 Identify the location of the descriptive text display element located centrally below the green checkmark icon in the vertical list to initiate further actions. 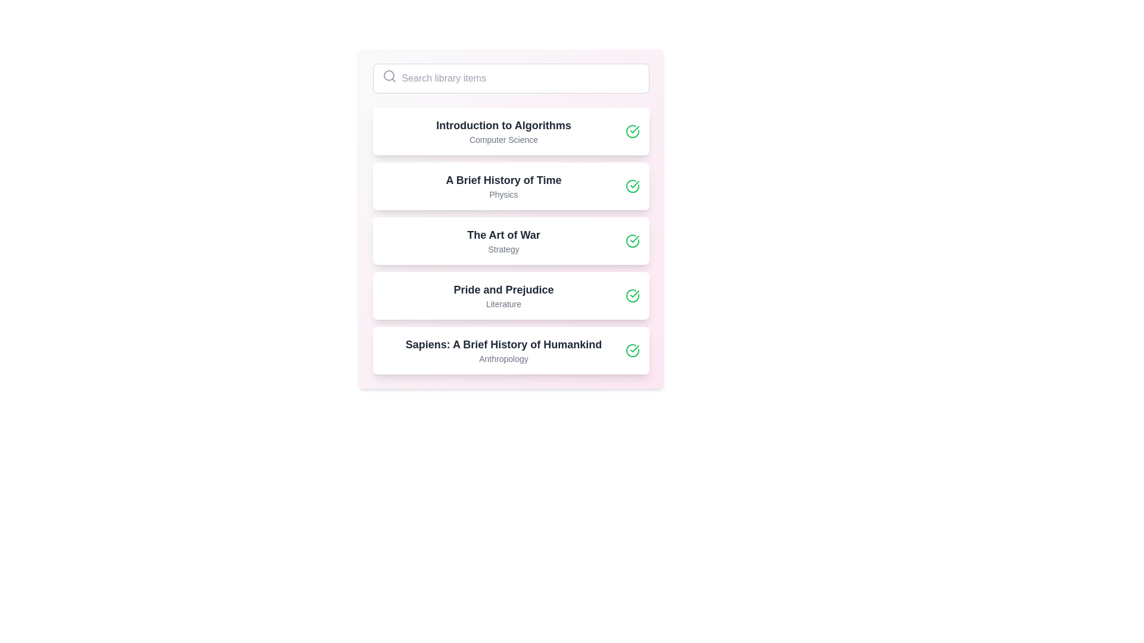
(503, 295).